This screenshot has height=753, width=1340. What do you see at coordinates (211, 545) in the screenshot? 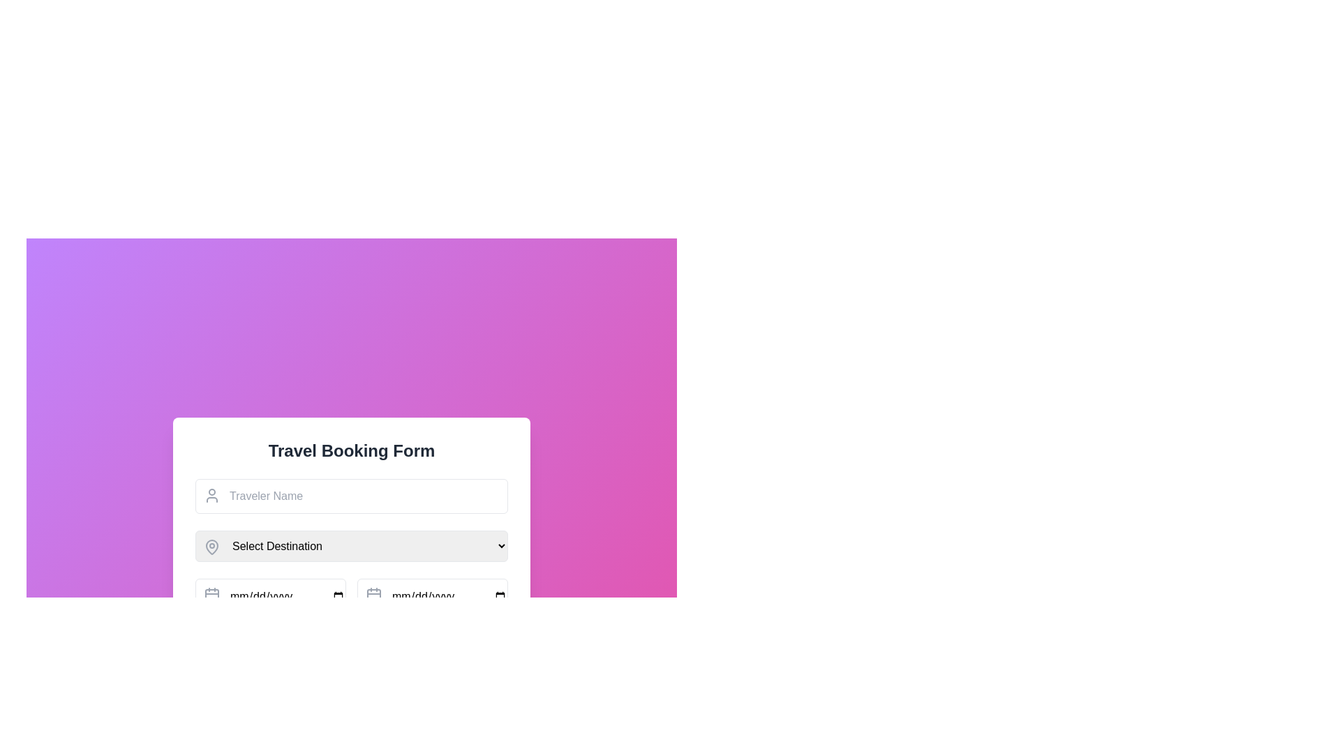
I see `the Decorative pin-shaped icon with a circular base and pointed tip, which is located inside the dropdown field labeled 'Select Destination.'` at bounding box center [211, 545].